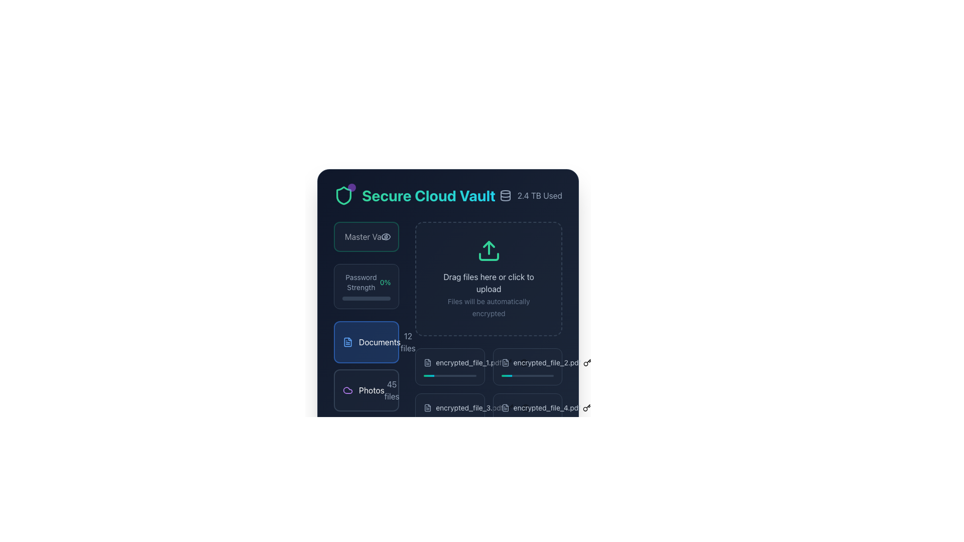  I want to click on the first file entry labeled 'encrypted_file_1.pdf' beneath the 'Documents' section to initiate the action of opening or selecting the file, so click(462, 362).